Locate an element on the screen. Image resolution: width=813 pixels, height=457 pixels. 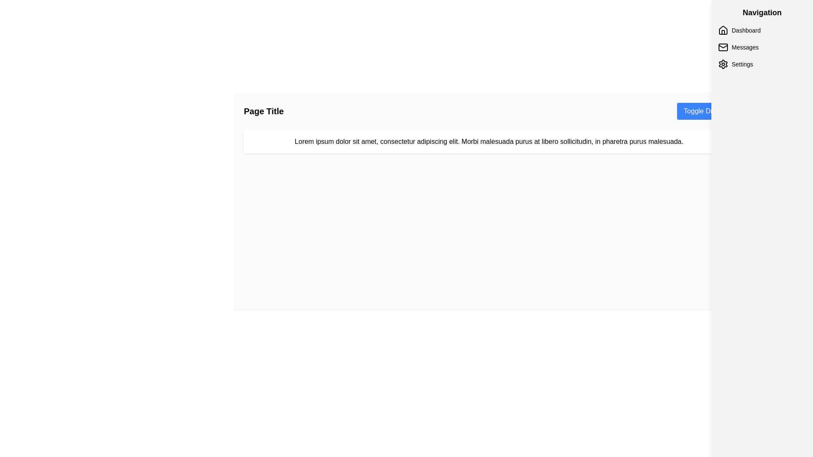
the gear-like icon symbolizing settings, which is positioned within the navigation panel to the left of the 'Settings' text label is located at coordinates (723, 63).